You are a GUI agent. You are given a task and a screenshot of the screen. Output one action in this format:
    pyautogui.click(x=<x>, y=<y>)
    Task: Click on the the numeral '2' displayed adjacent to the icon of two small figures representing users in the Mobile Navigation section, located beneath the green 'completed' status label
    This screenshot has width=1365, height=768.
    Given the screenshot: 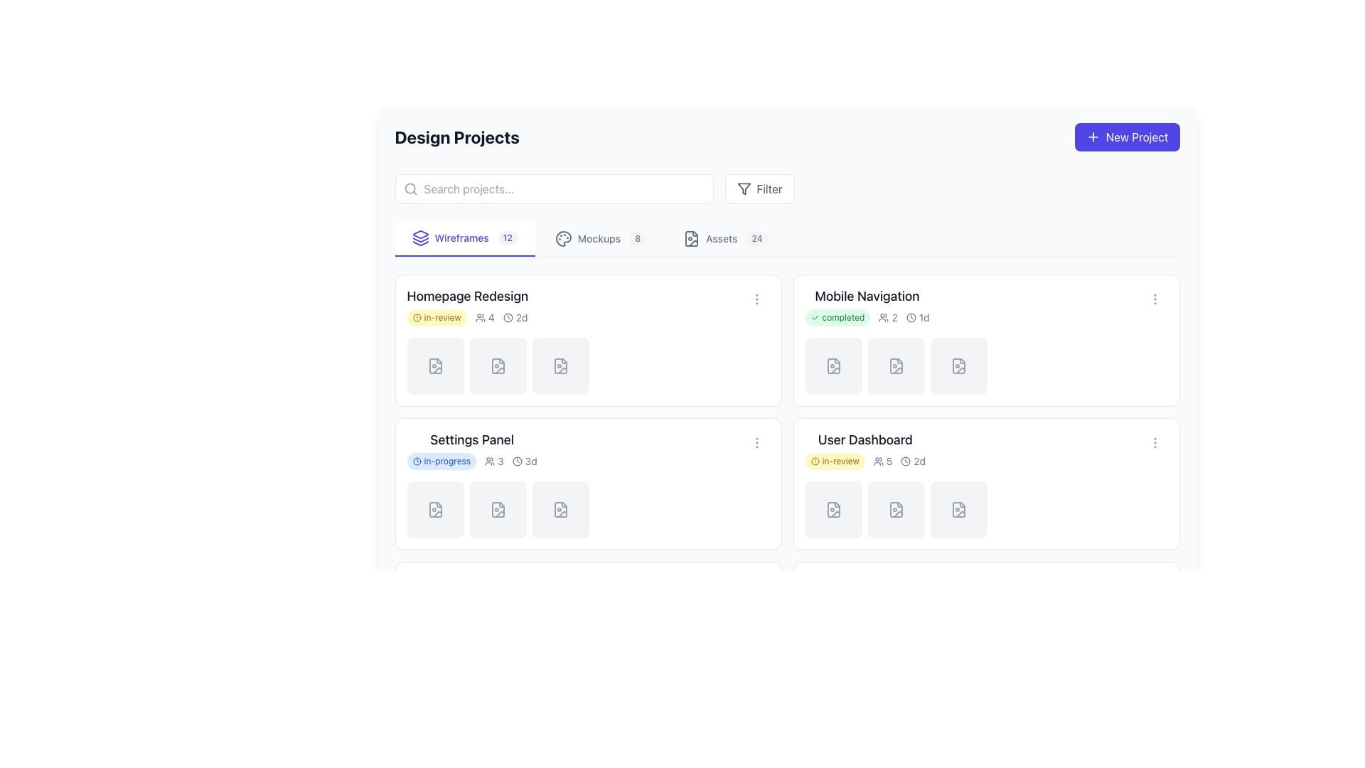 What is the action you would take?
    pyautogui.click(x=887, y=317)
    